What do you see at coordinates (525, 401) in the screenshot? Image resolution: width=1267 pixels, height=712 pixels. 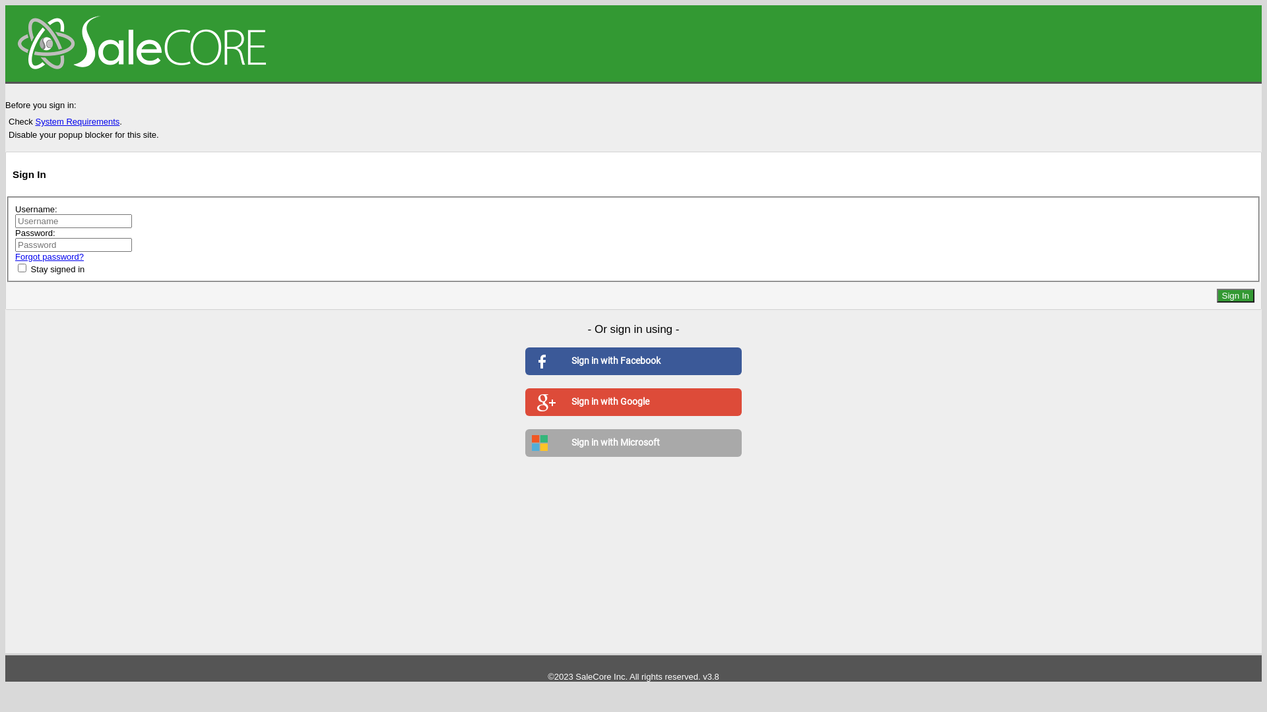 I see `'Sign in with Google'` at bounding box center [525, 401].